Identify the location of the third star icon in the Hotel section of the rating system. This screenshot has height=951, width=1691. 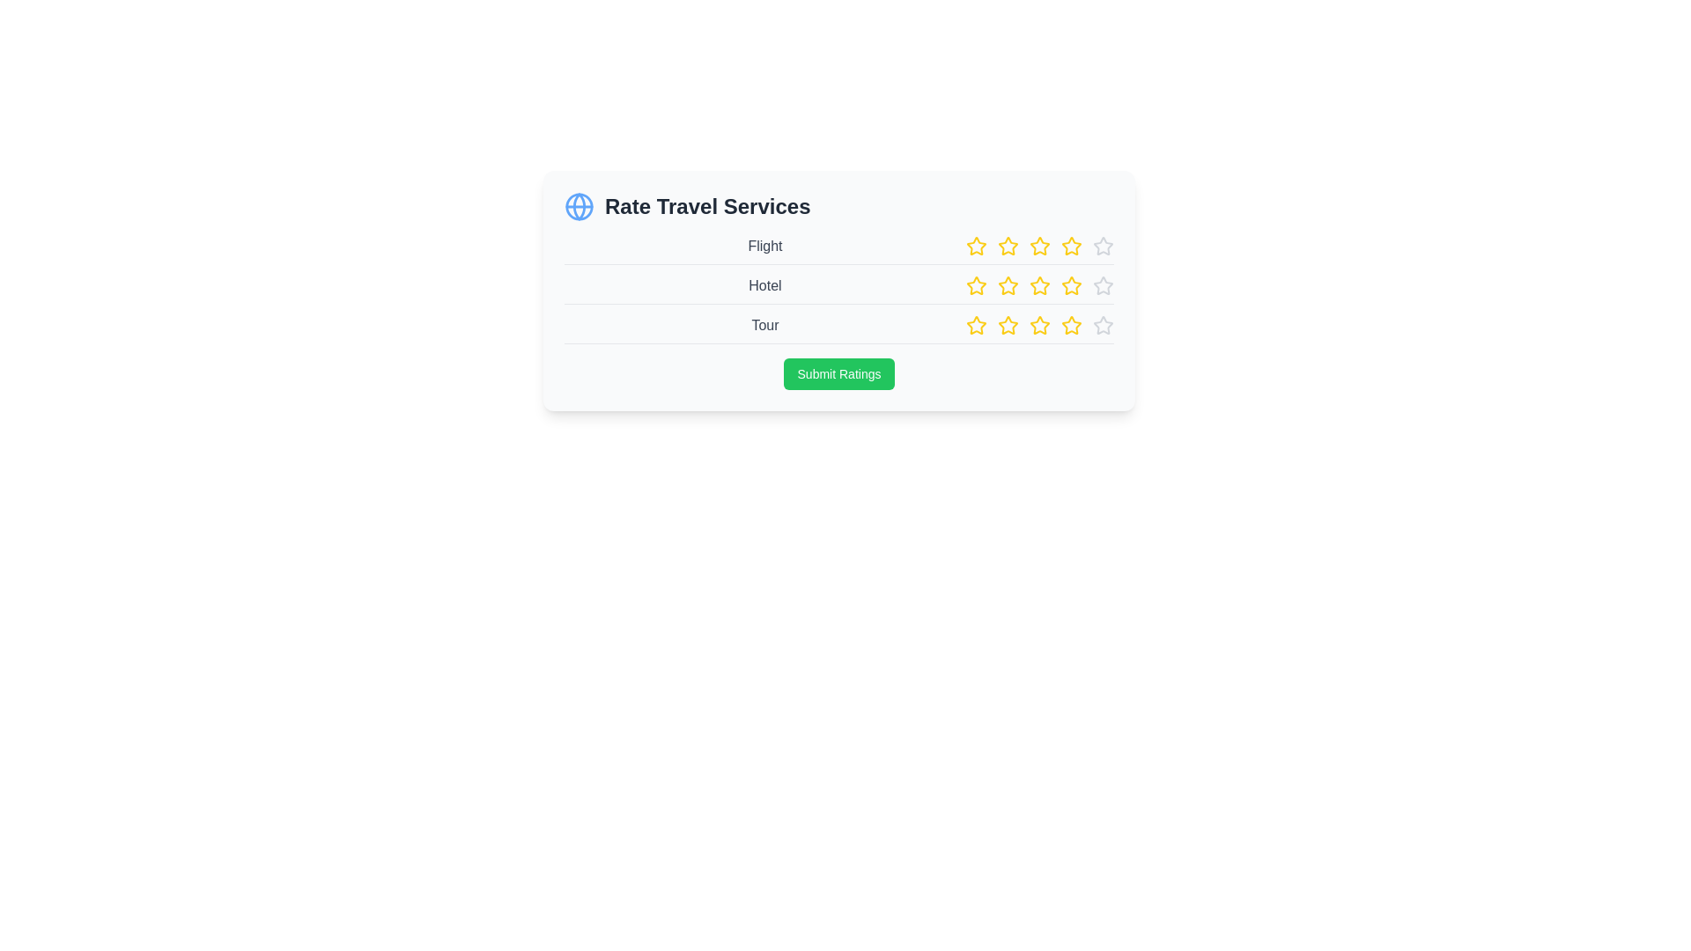
(975, 284).